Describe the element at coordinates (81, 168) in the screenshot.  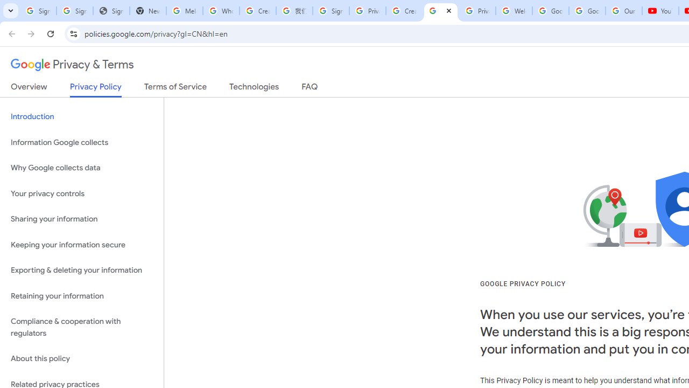
I see `'Why Google collects data'` at that location.